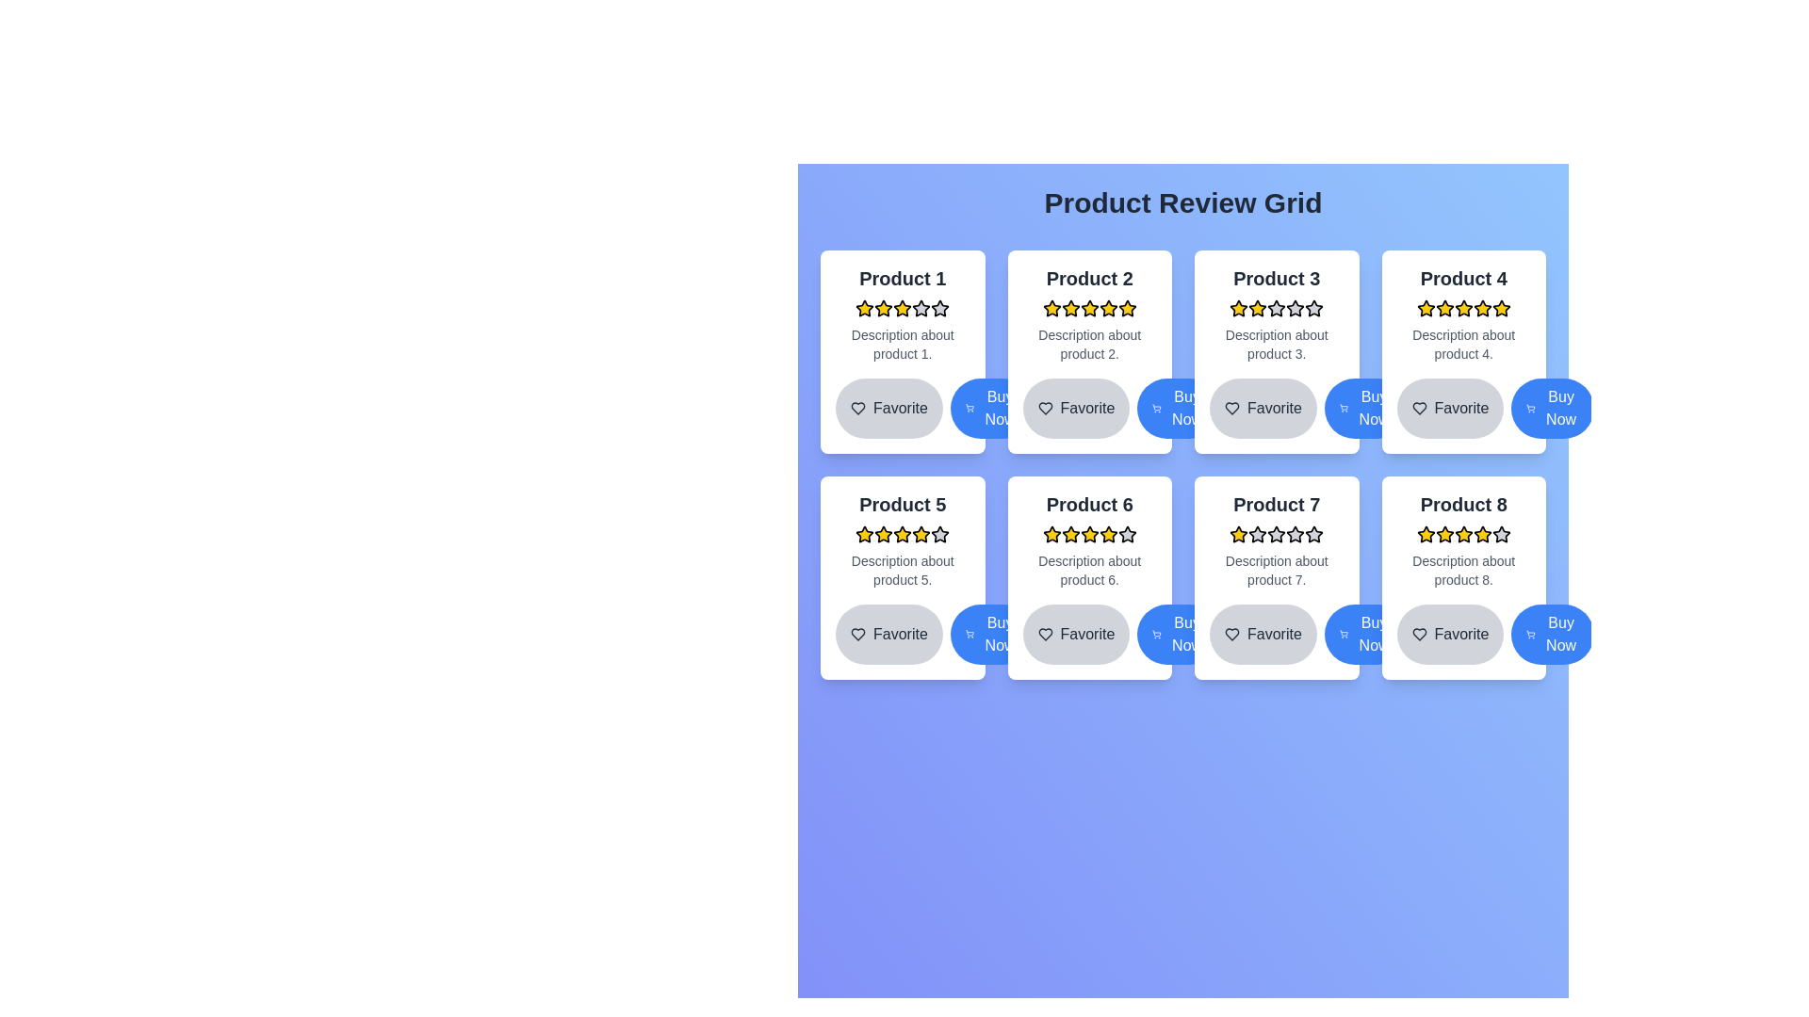 The width and height of the screenshot is (1809, 1017). Describe the element at coordinates (1462, 408) in the screenshot. I see `the favorite button located in the bottom section of the Product 4 card in the Product Review Grid` at that location.